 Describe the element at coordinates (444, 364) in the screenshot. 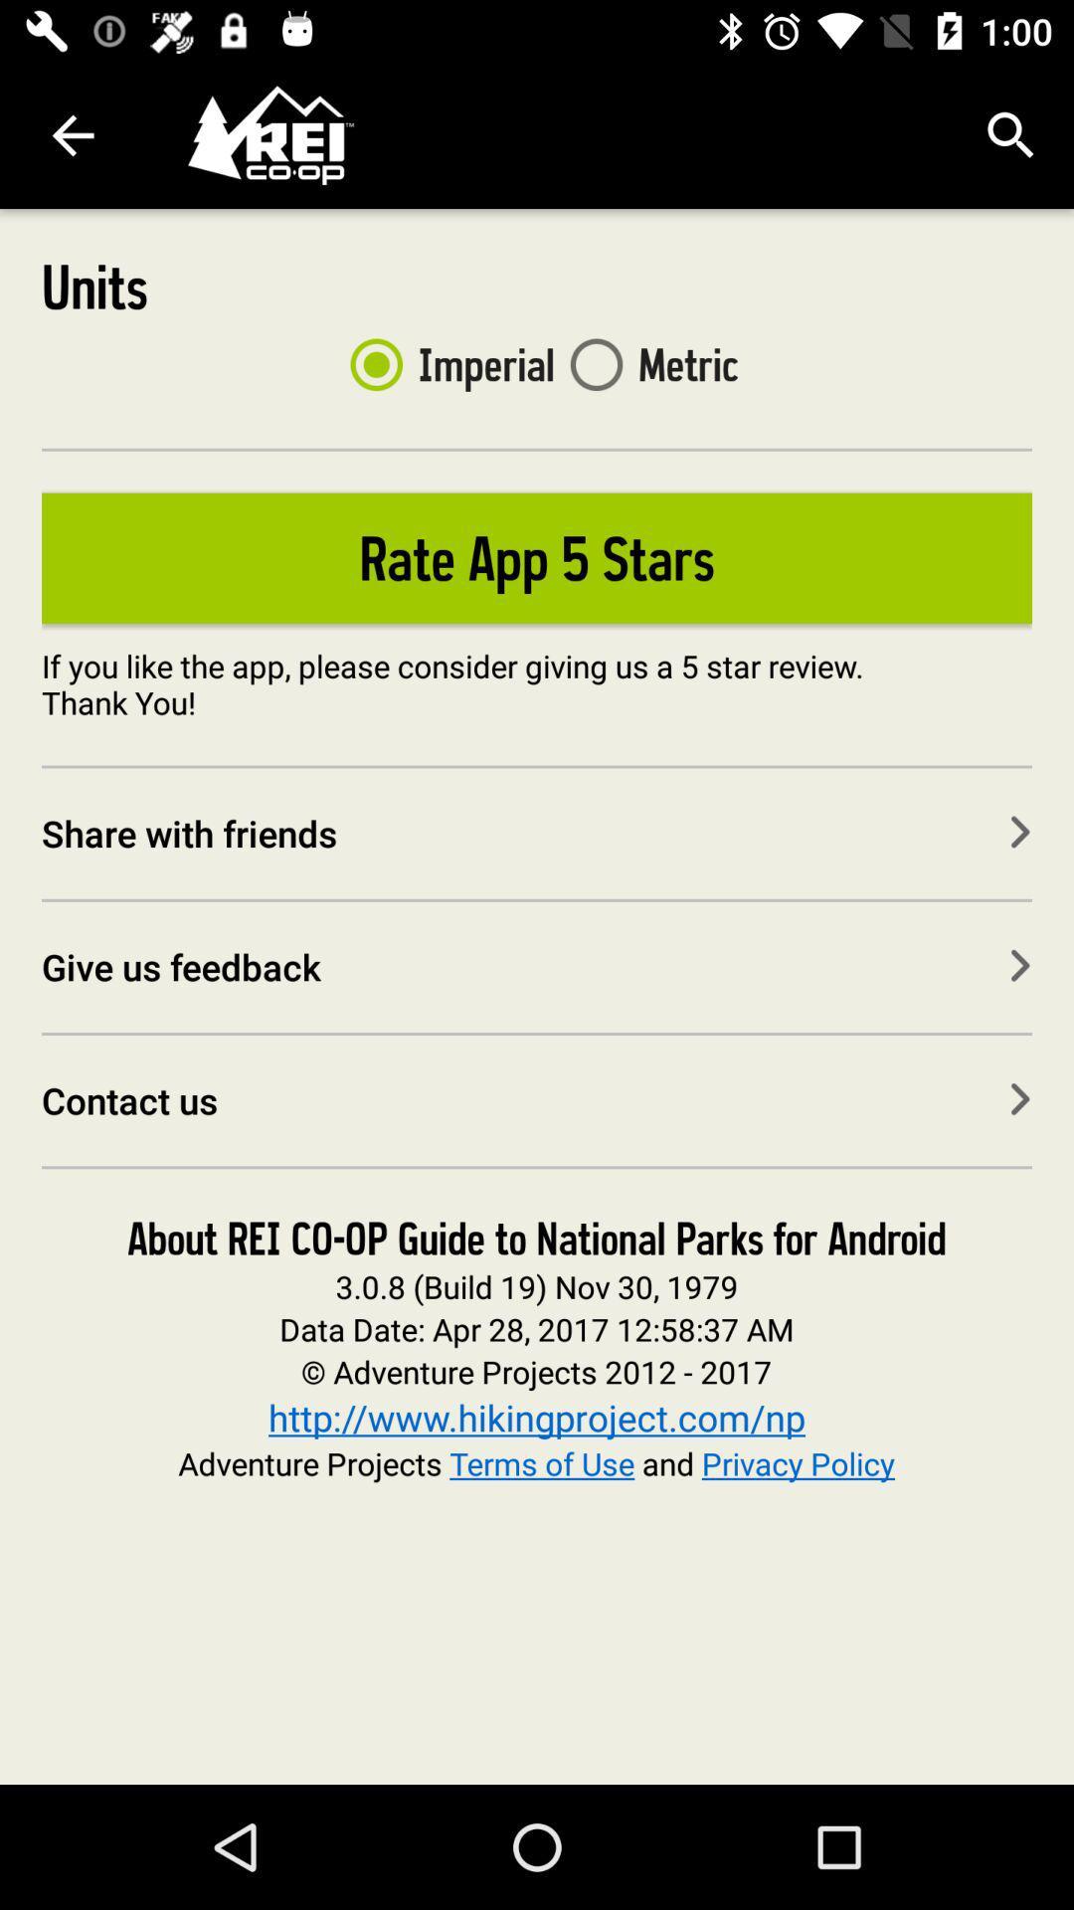

I see `item next to units` at that location.